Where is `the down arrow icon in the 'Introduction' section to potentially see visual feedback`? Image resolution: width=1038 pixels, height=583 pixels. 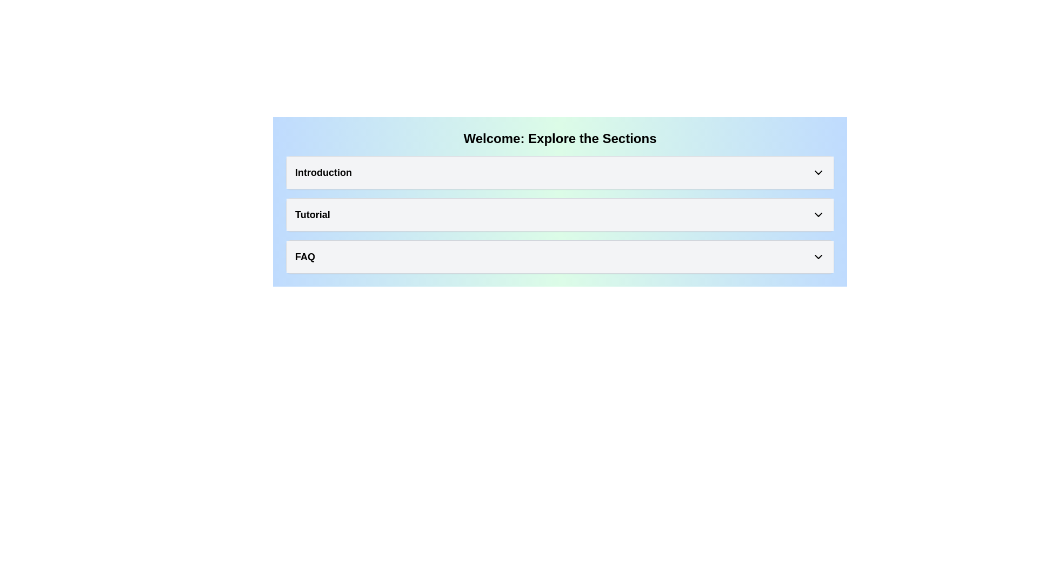
the down arrow icon in the 'Introduction' section to potentially see visual feedback is located at coordinates (818, 172).